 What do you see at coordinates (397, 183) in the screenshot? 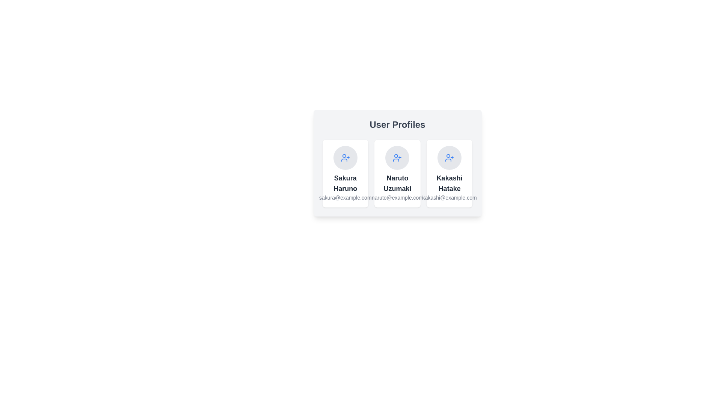
I see `the user name label in the middle profile card` at bounding box center [397, 183].